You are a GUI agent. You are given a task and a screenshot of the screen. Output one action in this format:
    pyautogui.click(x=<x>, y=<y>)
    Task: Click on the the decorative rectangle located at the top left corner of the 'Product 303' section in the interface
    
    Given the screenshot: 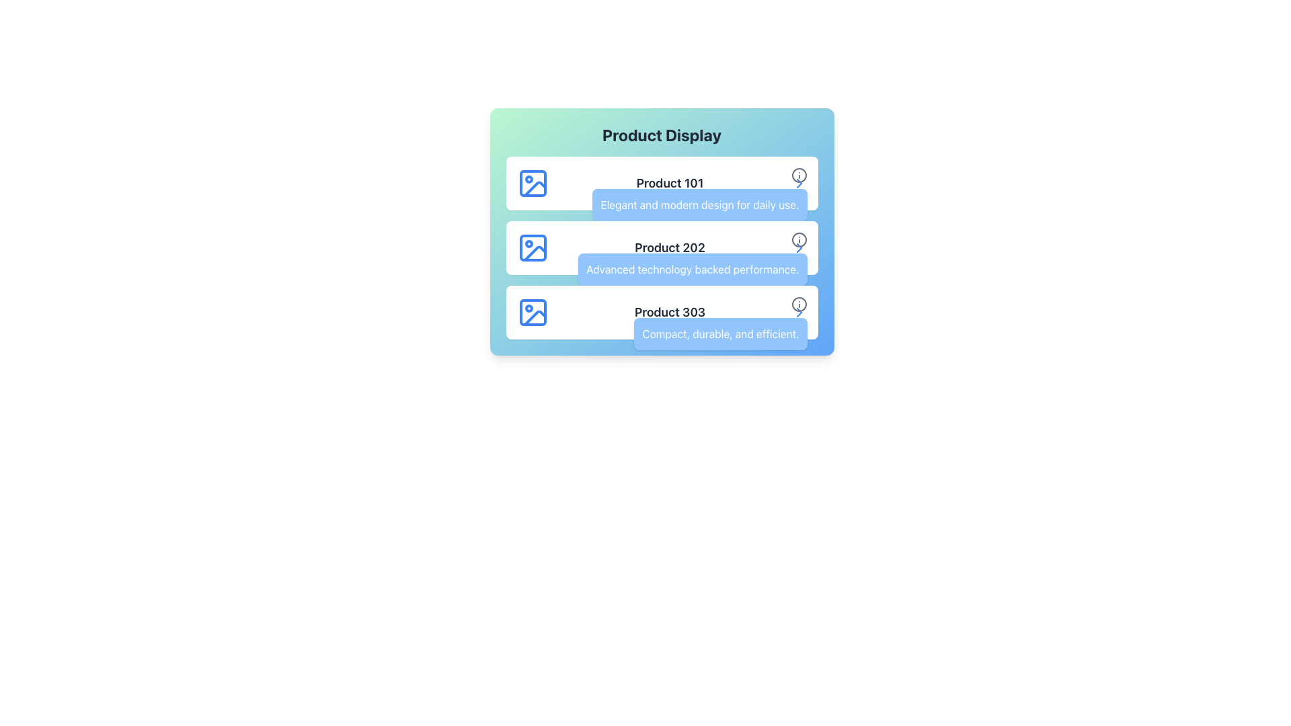 What is the action you would take?
    pyautogui.click(x=532, y=313)
    